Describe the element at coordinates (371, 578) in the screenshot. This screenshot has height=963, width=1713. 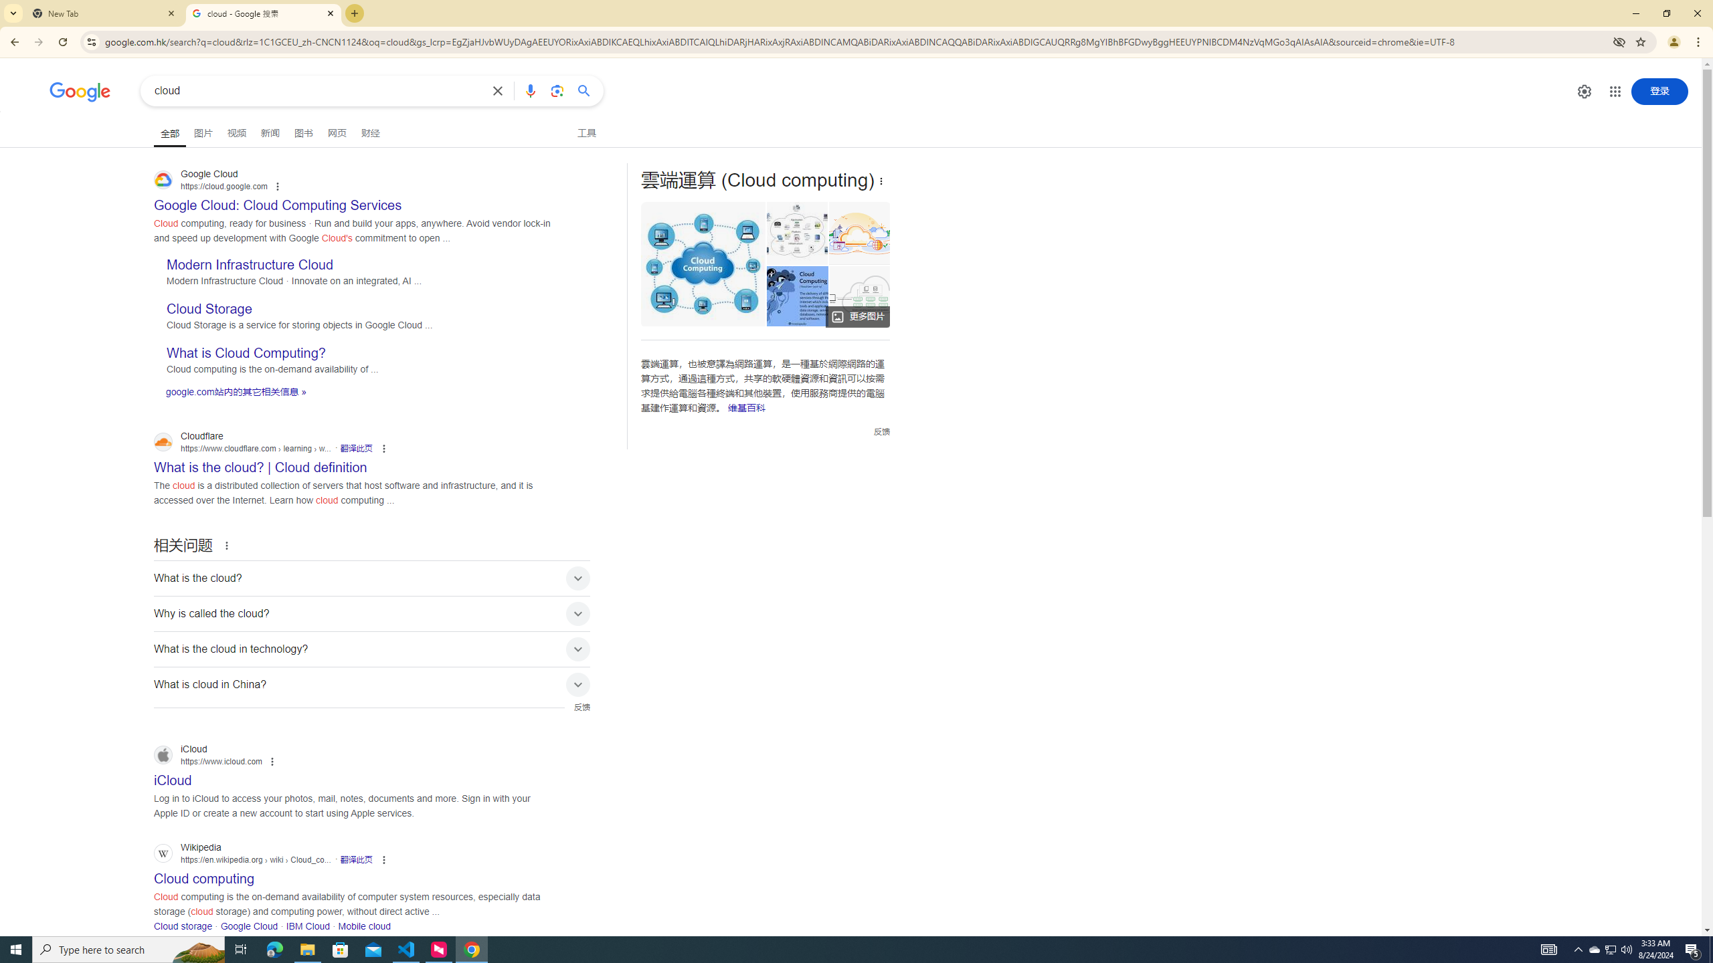
I see `'What is the cloud?'` at that location.